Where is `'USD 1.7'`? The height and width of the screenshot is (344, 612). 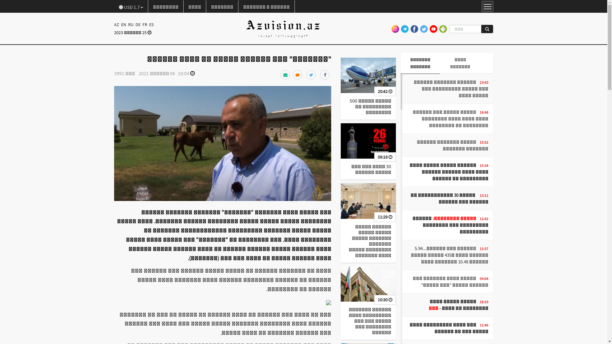
'USD 1.7' is located at coordinates (131, 6).